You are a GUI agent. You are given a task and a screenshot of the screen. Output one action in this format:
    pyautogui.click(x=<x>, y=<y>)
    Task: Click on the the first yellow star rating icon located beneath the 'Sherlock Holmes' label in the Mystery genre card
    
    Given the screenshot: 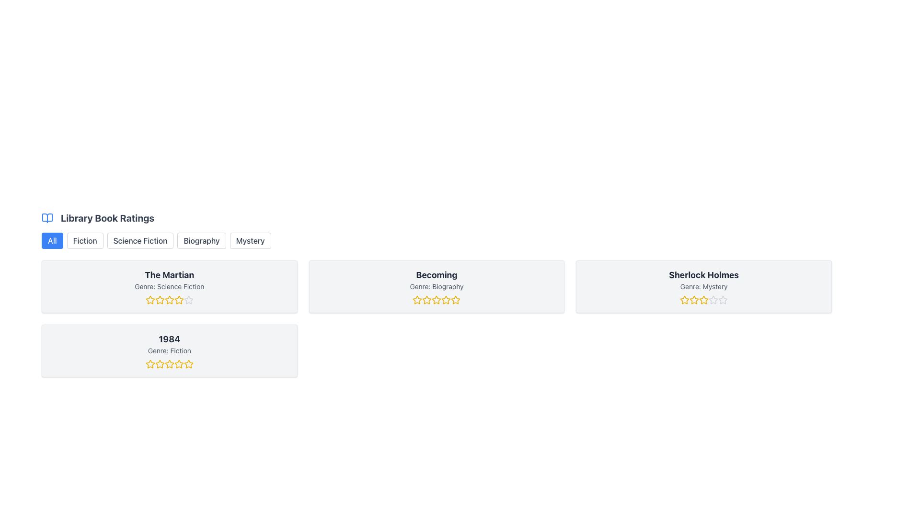 What is the action you would take?
    pyautogui.click(x=684, y=299)
    